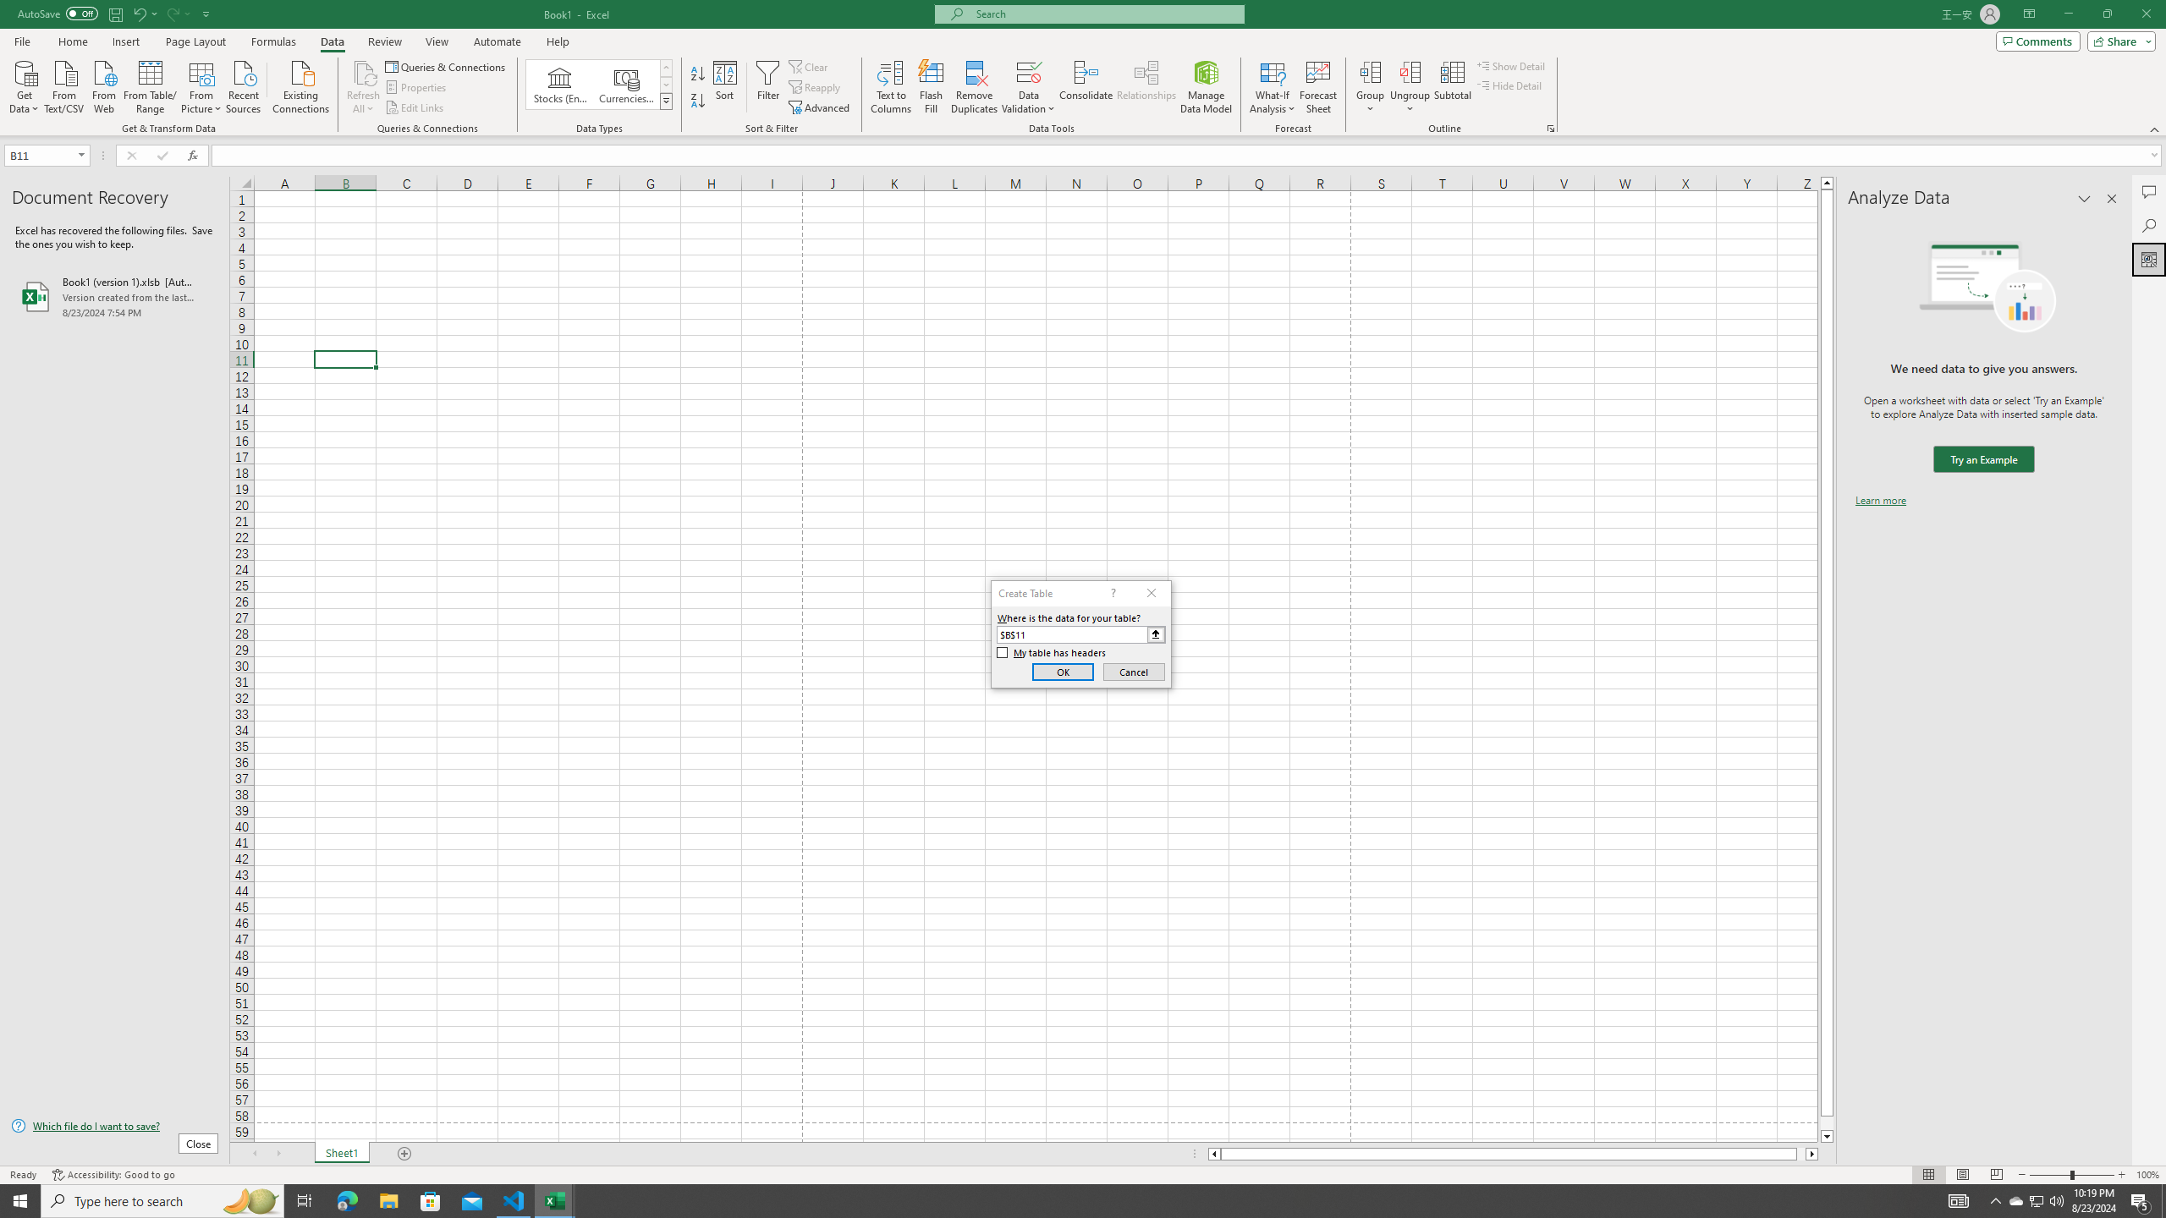 Image resolution: width=2166 pixels, height=1218 pixels. I want to click on 'Show Detail', so click(1510, 65).